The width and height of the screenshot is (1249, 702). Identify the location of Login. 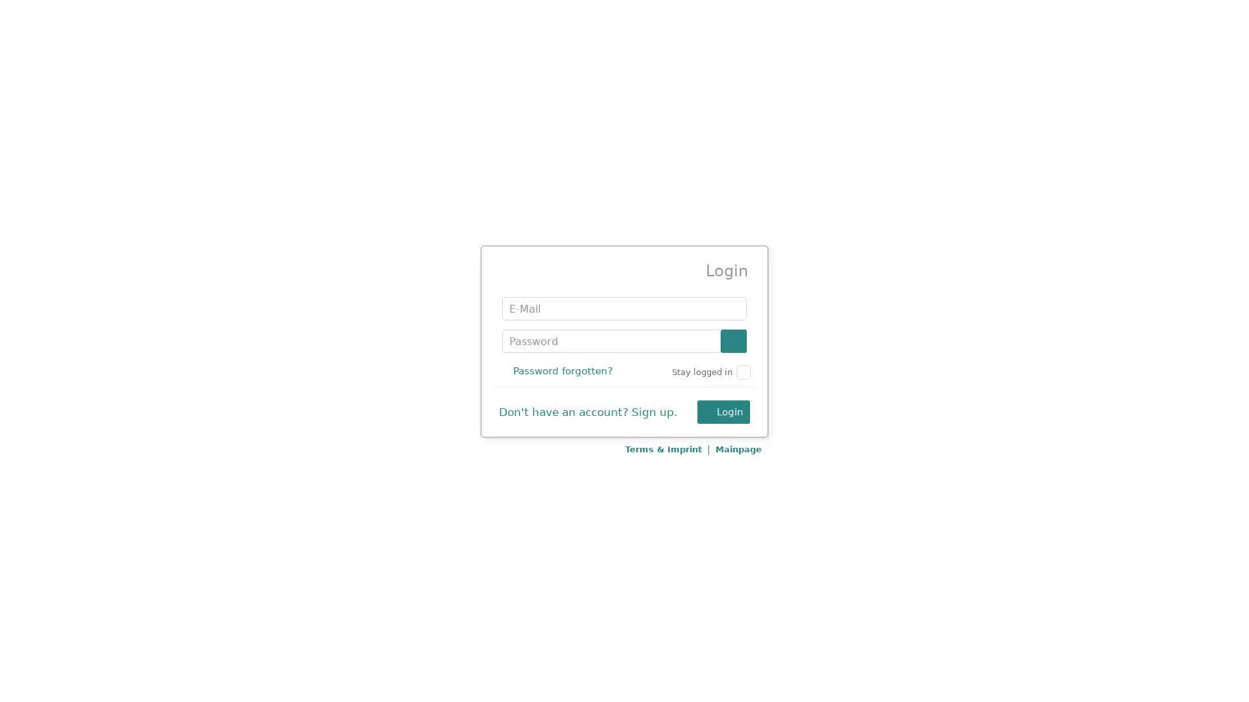
(723, 411).